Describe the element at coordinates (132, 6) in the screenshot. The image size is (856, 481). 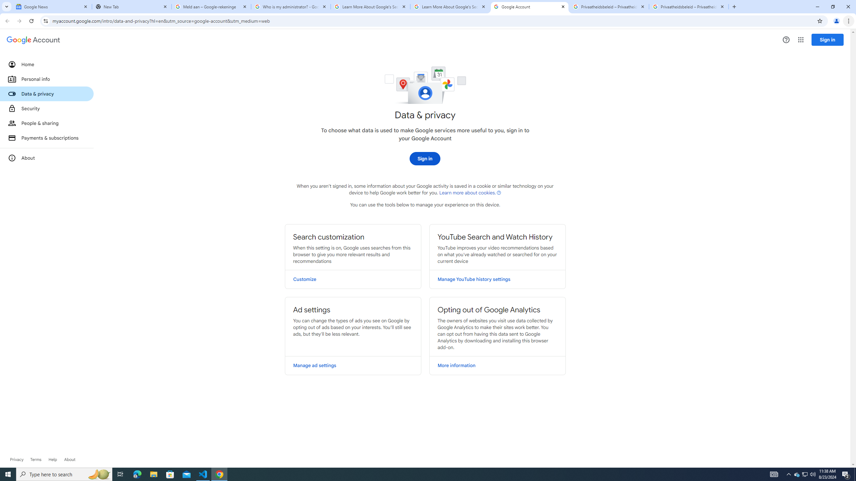
I see `'New Tab'` at that location.